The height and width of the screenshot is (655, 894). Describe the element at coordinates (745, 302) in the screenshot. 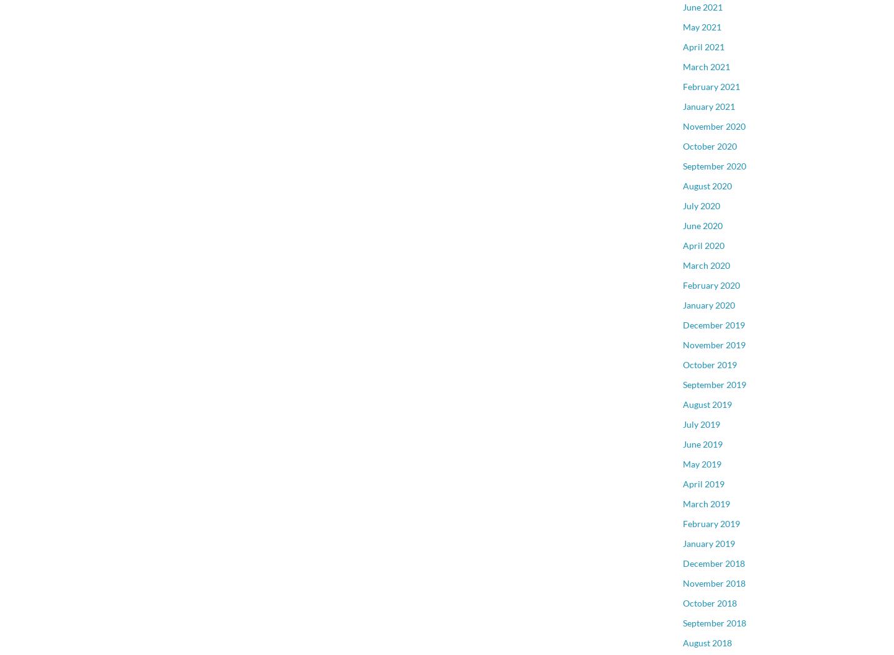

I see `'West Newton, Surrey Real Estate'` at that location.